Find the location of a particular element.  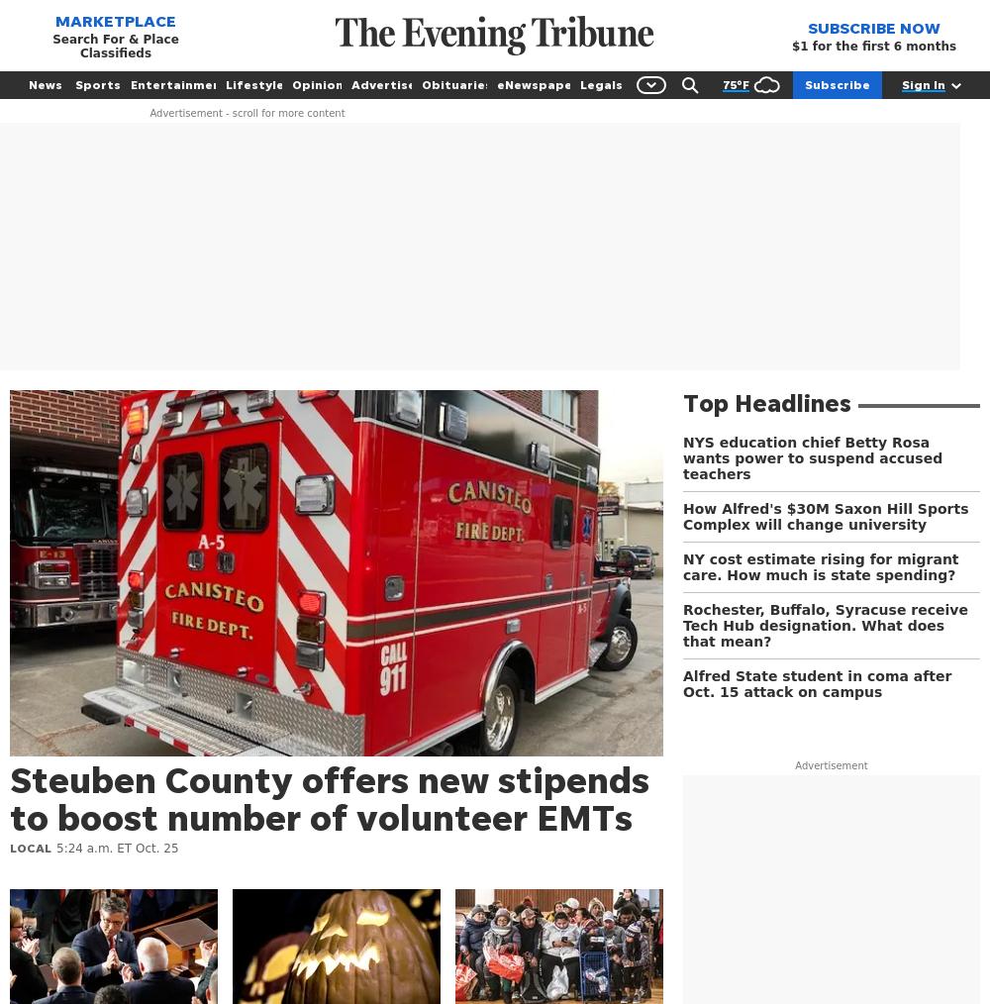

'Obituaries' is located at coordinates (455, 83).